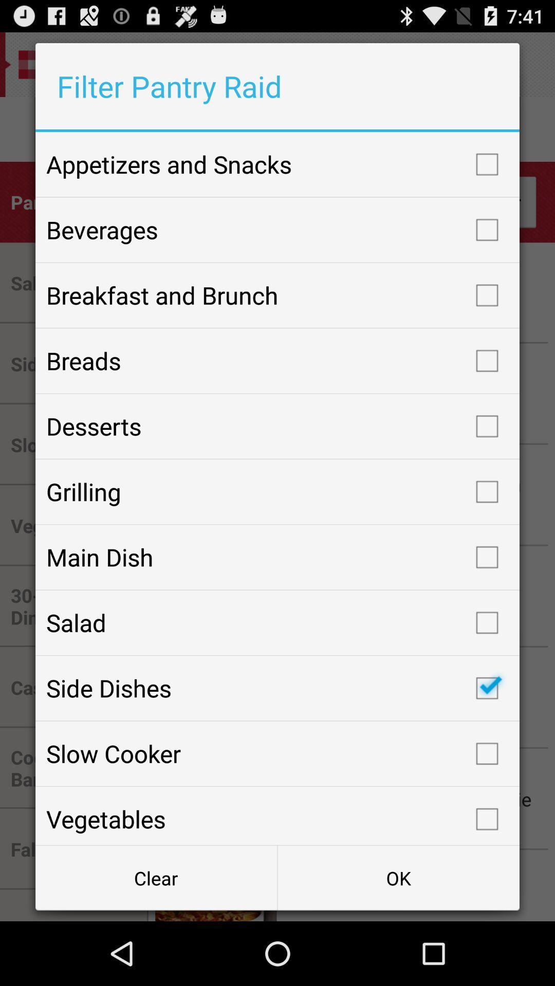  What do you see at coordinates (156, 877) in the screenshot?
I see `item to the left of the ok item` at bounding box center [156, 877].